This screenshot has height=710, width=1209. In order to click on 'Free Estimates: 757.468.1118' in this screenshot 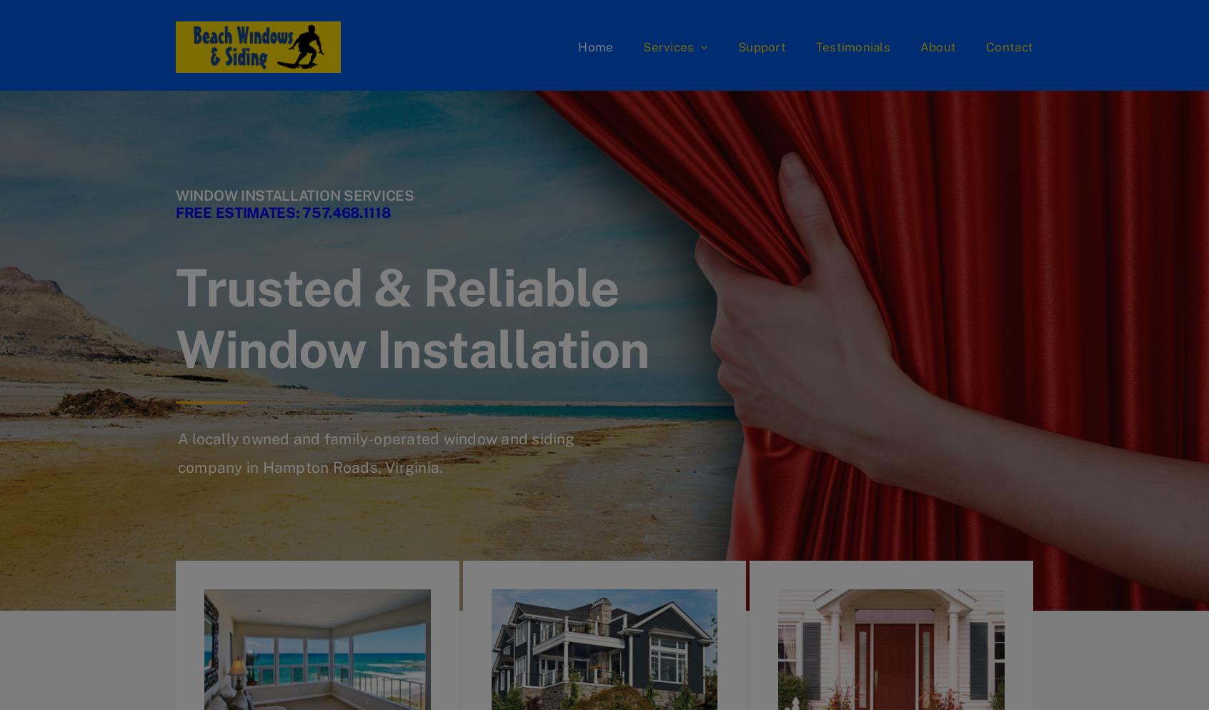, I will do `click(282, 212)`.